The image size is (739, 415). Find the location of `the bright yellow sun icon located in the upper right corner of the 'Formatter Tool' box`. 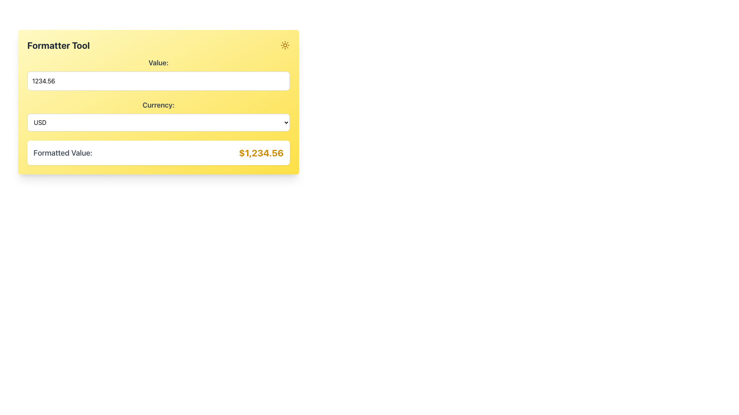

the bright yellow sun icon located in the upper right corner of the 'Formatter Tool' box is located at coordinates (284, 45).